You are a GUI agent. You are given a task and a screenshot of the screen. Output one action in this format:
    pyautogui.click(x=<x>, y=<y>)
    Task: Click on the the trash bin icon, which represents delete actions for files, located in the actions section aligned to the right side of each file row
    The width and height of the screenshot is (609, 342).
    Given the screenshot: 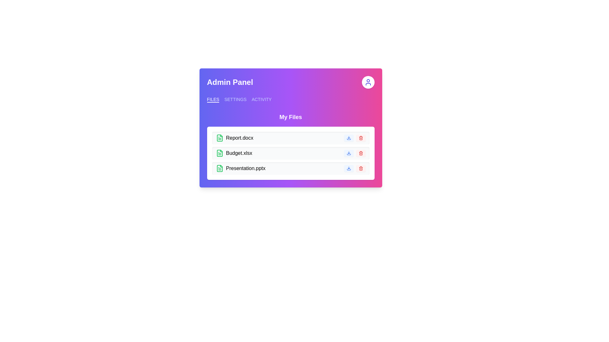 What is the action you would take?
    pyautogui.click(x=361, y=154)
    